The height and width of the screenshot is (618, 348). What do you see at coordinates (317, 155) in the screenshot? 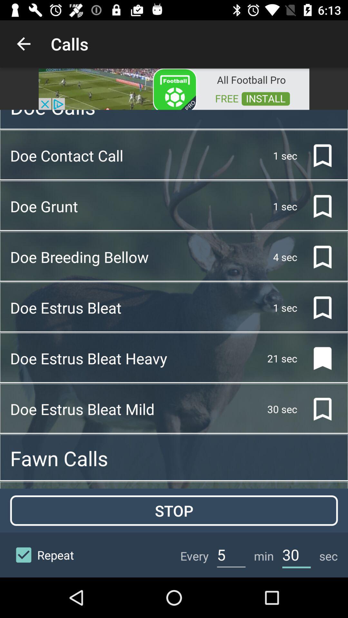
I see `the bookmark icon` at bounding box center [317, 155].